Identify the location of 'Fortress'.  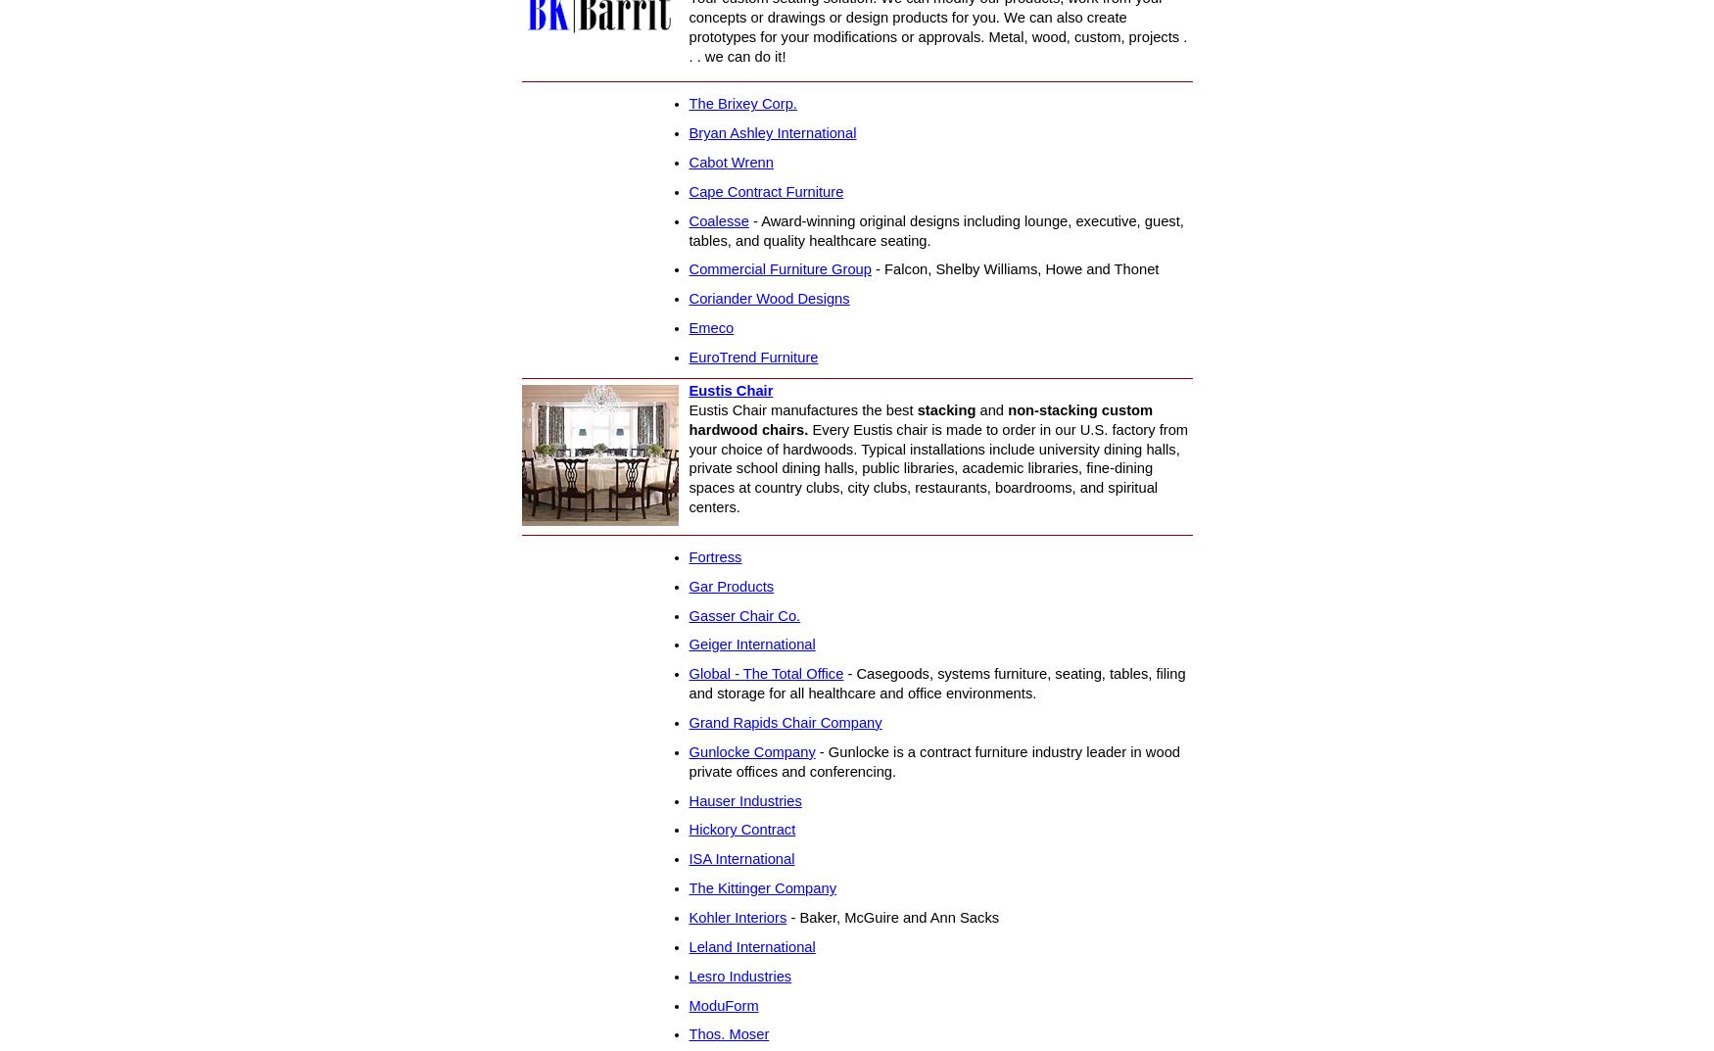
(688, 556).